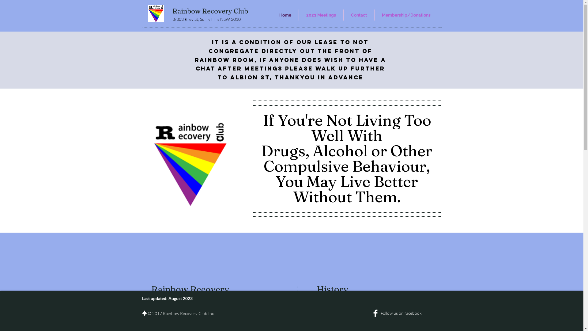  Describe the element at coordinates (344, 15) in the screenshot. I see `'Contact'` at that location.